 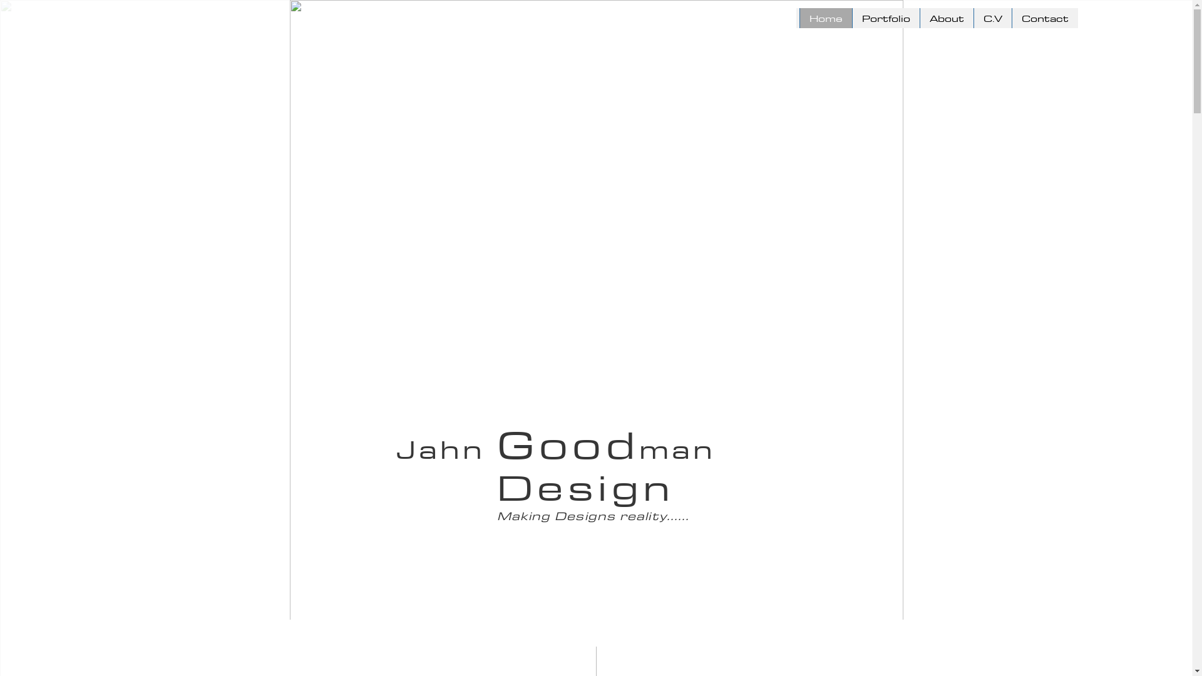 I want to click on 'Portfolio', so click(x=885, y=18).